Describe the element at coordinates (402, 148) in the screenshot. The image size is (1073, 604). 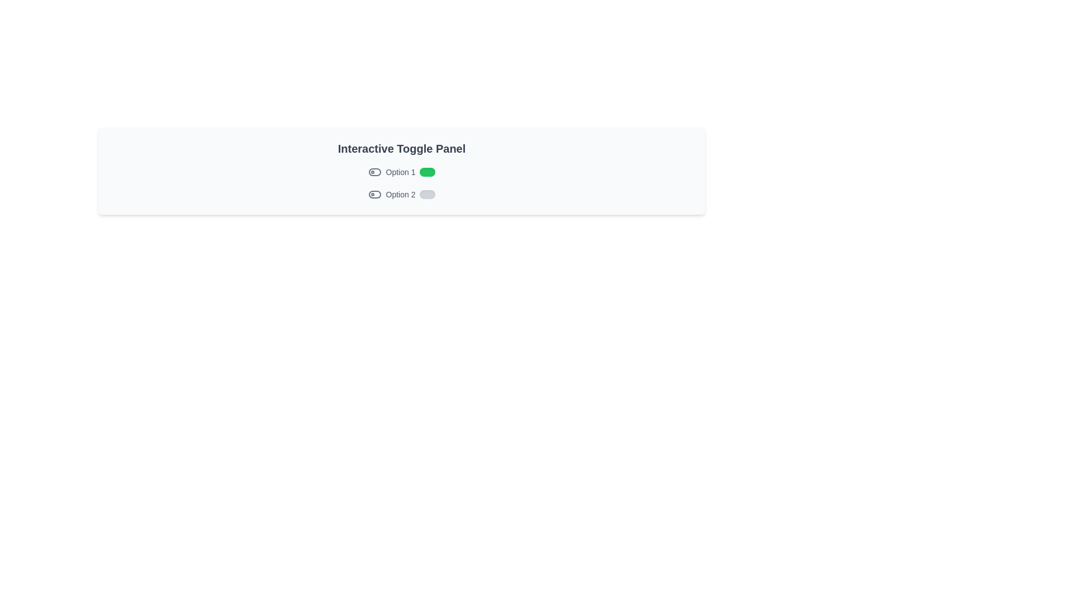
I see `the text 'Interactive Toggle Panel' to select it` at that location.